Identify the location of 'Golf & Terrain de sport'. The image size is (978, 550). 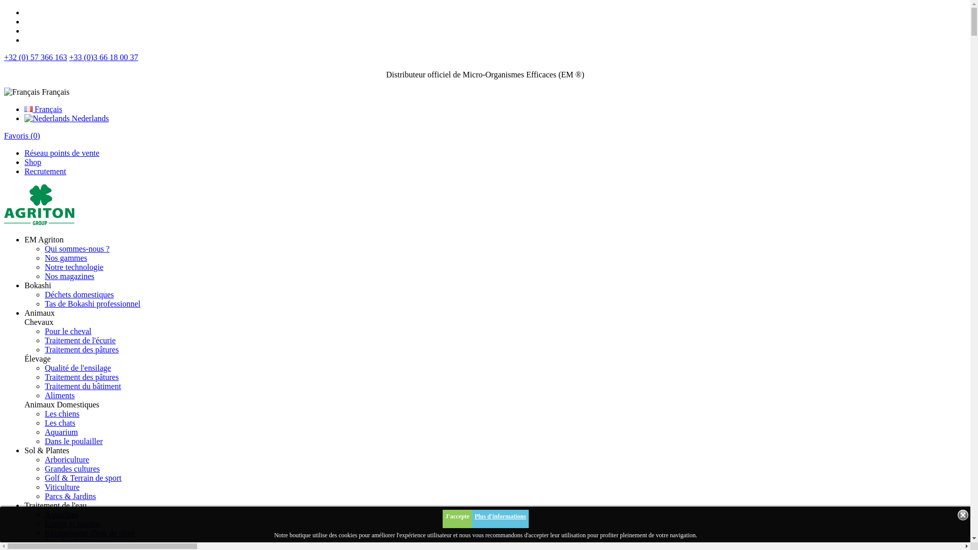
(83, 478).